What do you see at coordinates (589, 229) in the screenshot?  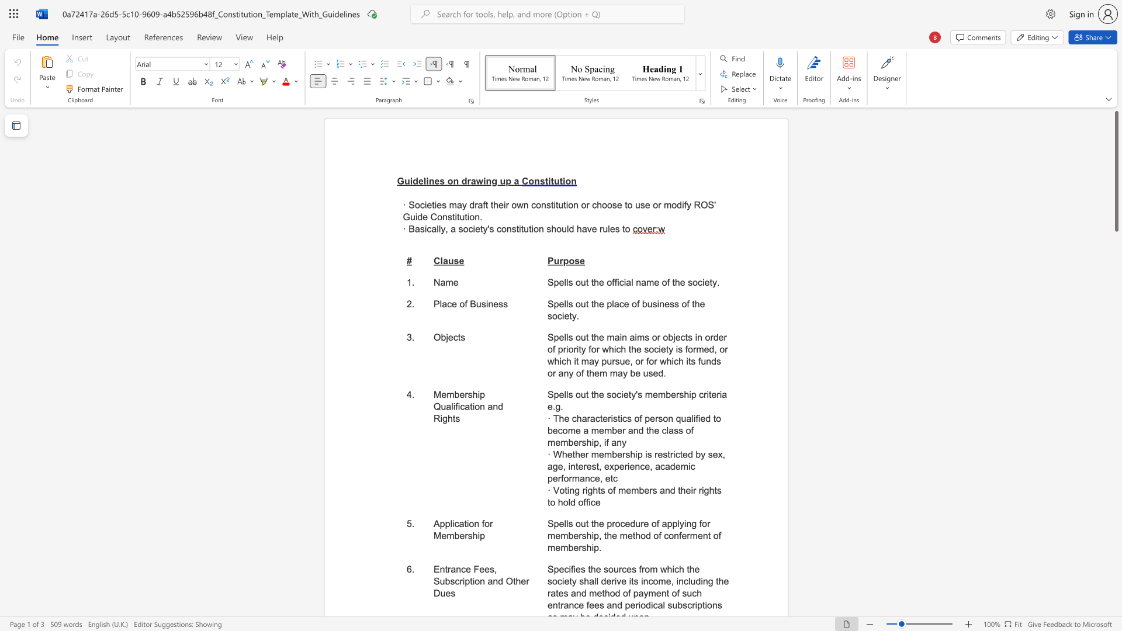 I see `the 1th character "v" in the text` at bounding box center [589, 229].